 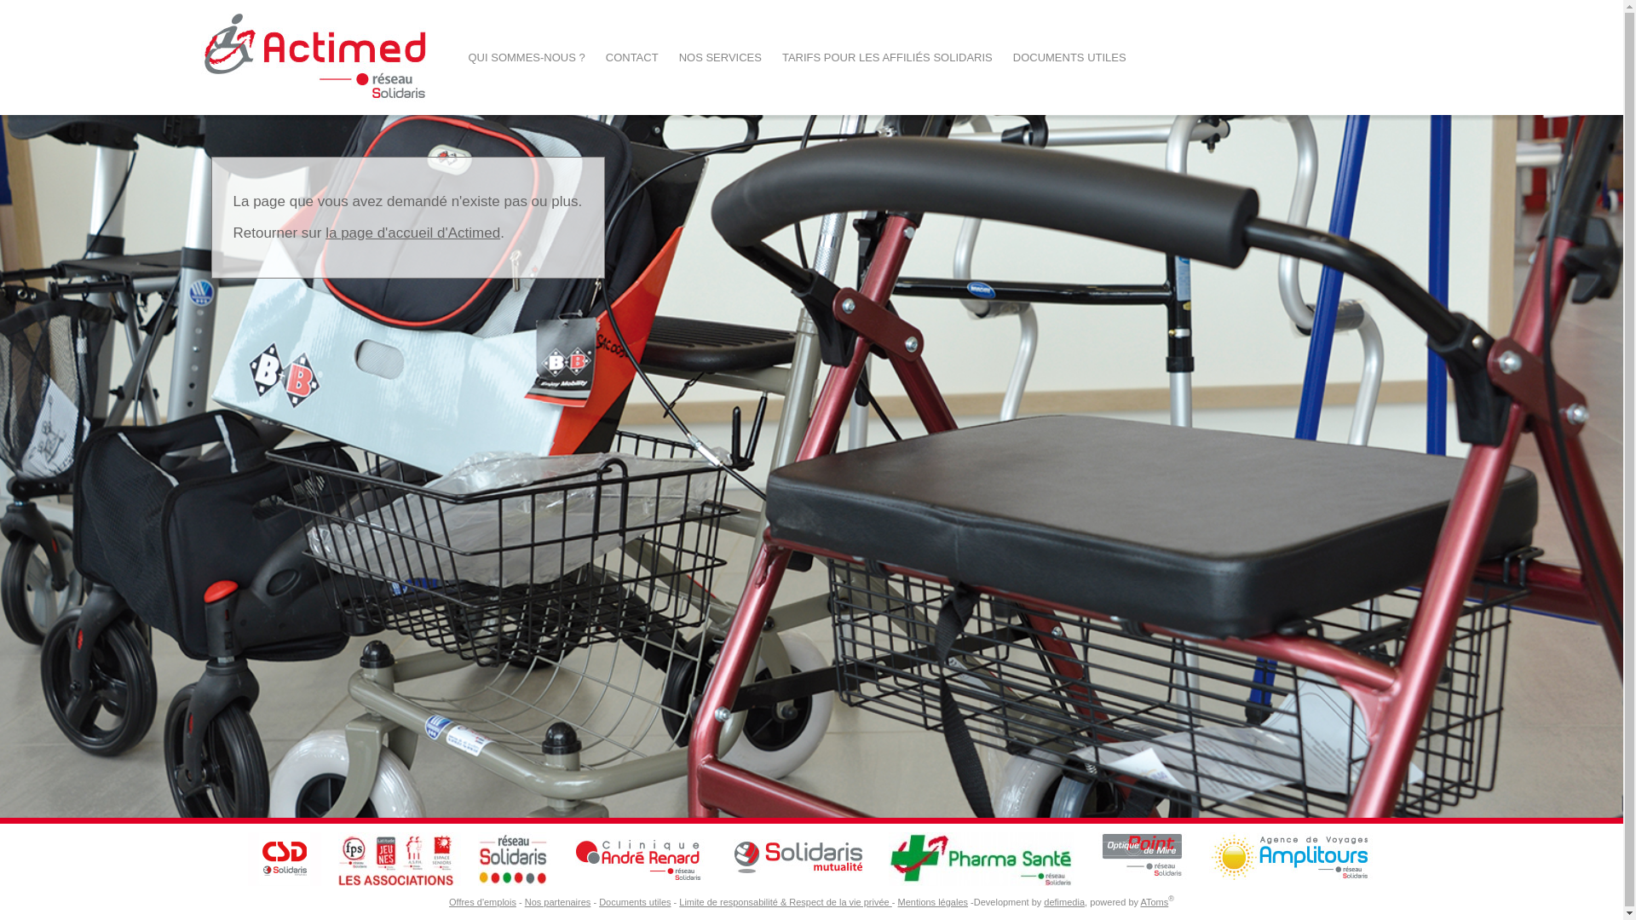 I want to click on 'logo-csd', so click(x=247, y=859).